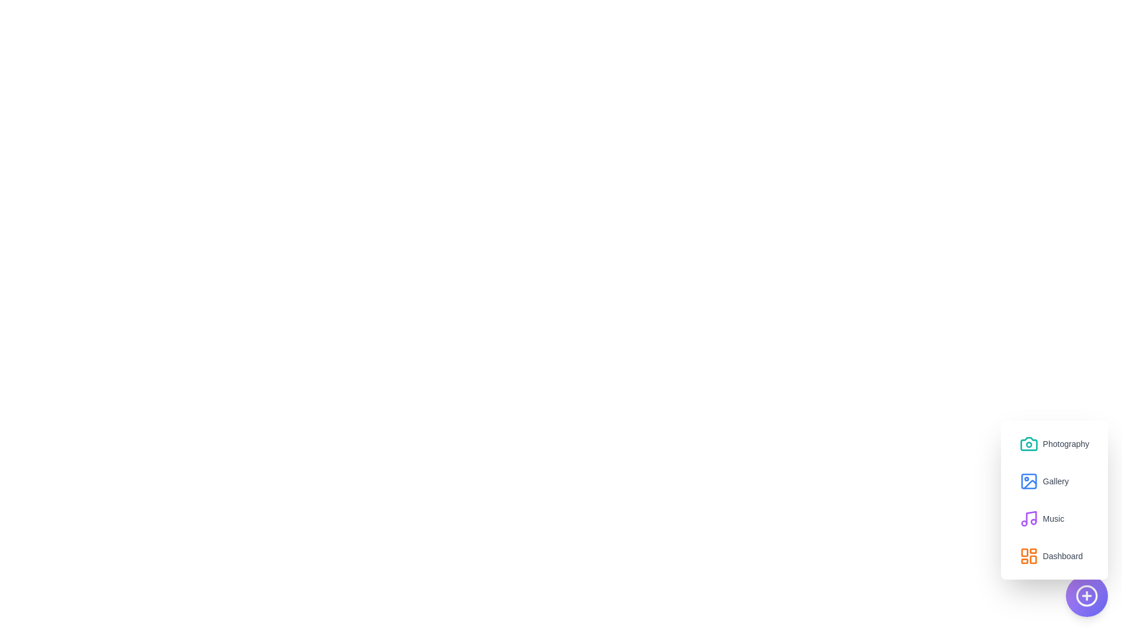 The height and width of the screenshot is (631, 1122). I want to click on the floating action button to toggle the EnhancedSpeedDial menu visibility, so click(1086, 595).